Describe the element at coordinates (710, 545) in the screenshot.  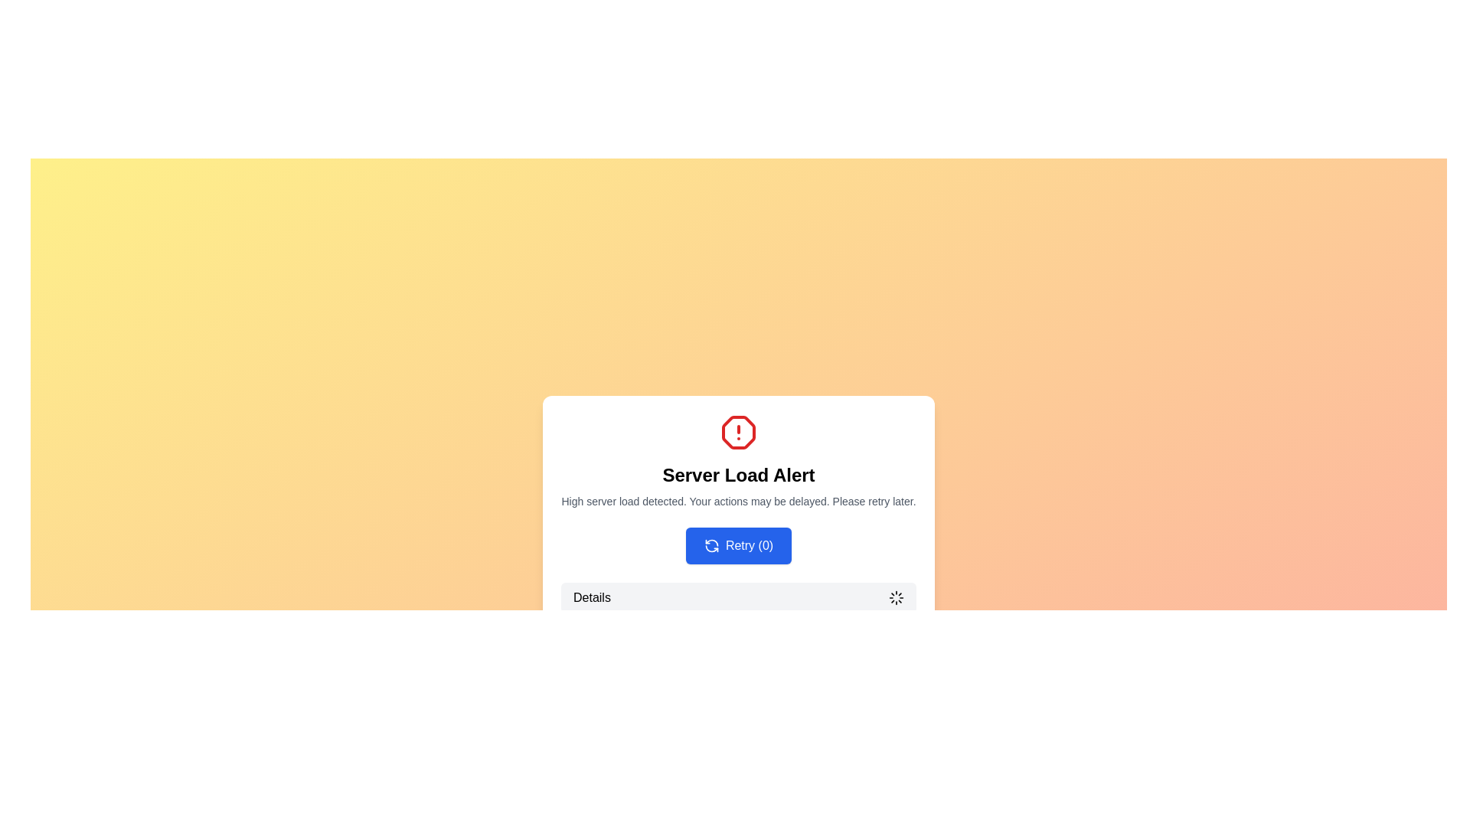
I see `the retry icon that visually represents the retry action, located in the center area of the alert dialog box, preceding the 'Retry (0)' button text` at that location.